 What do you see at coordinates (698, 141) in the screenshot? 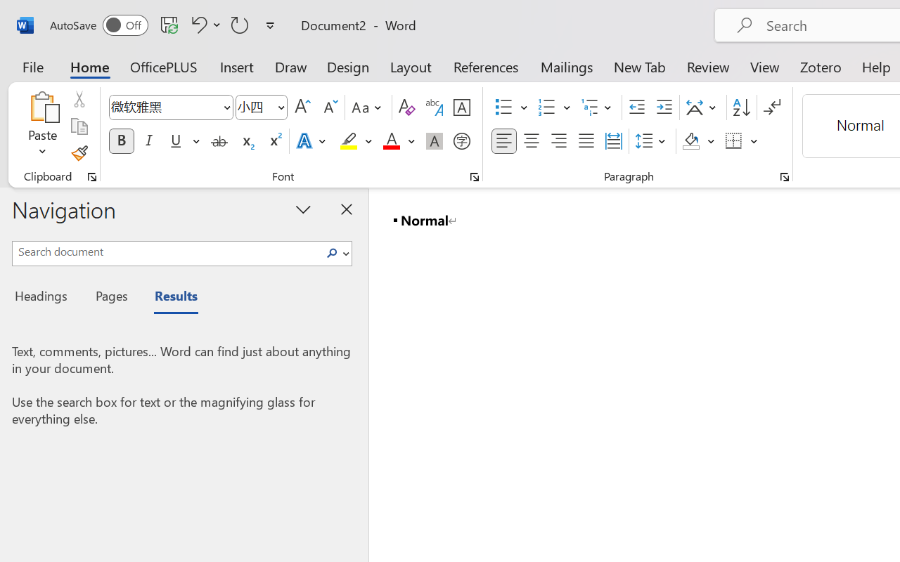
I see `'Shading'` at bounding box center [698, 141].